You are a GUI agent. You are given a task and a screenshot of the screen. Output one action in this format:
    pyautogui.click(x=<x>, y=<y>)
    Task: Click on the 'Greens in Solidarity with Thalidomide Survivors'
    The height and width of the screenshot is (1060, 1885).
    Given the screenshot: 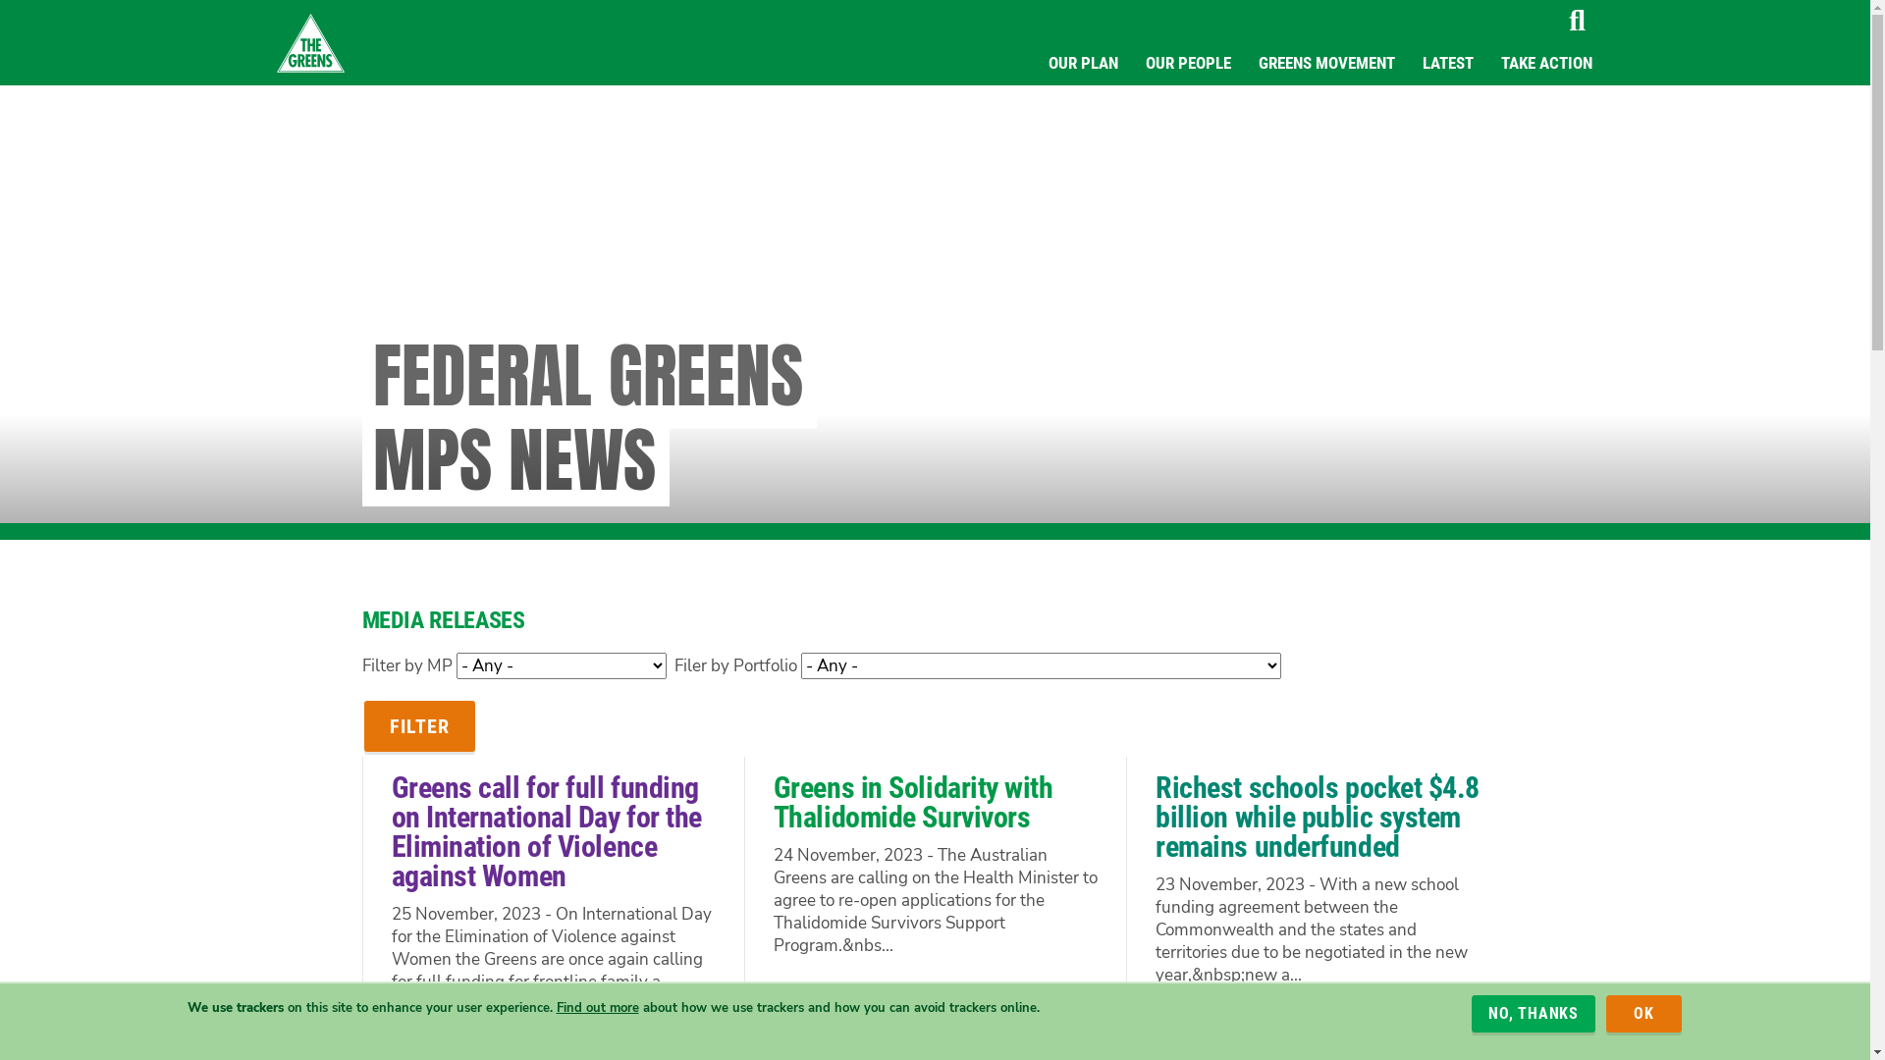 What is the action you would take?
    pyautogui.click(x=912, y=802)
    